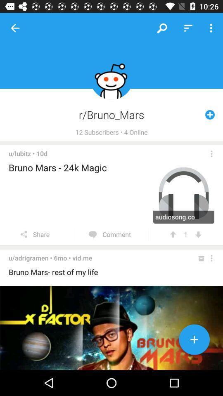 The width and height of the screenshot is (223, 396). Describe the element at coordinates (211, 153) in the screenshot. I see `song options` at that location.